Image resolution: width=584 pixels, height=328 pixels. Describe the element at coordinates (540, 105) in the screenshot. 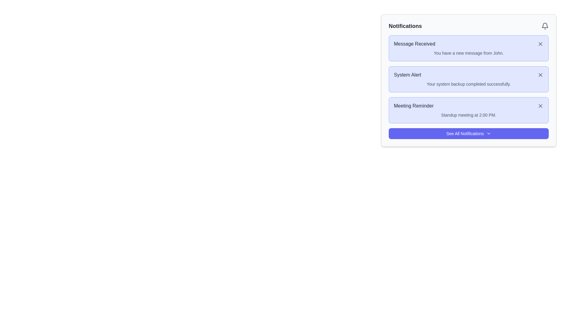

I see `the Close button within the 'Meeting Reminder' notification` at that location.